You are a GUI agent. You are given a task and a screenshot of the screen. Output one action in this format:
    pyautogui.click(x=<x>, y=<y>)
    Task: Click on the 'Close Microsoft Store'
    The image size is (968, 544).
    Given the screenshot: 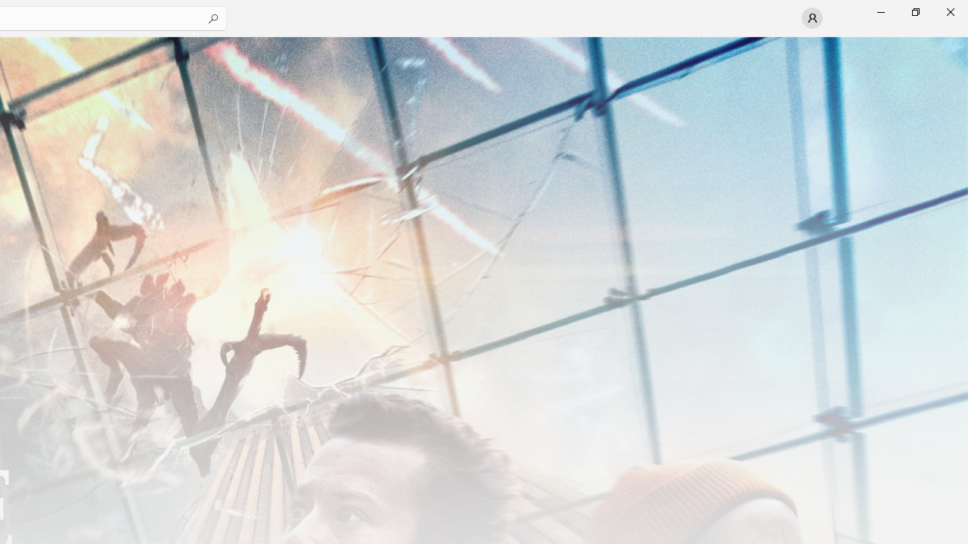 What is the action you would take?
    pyautogui.click(x=949, y=11)
    